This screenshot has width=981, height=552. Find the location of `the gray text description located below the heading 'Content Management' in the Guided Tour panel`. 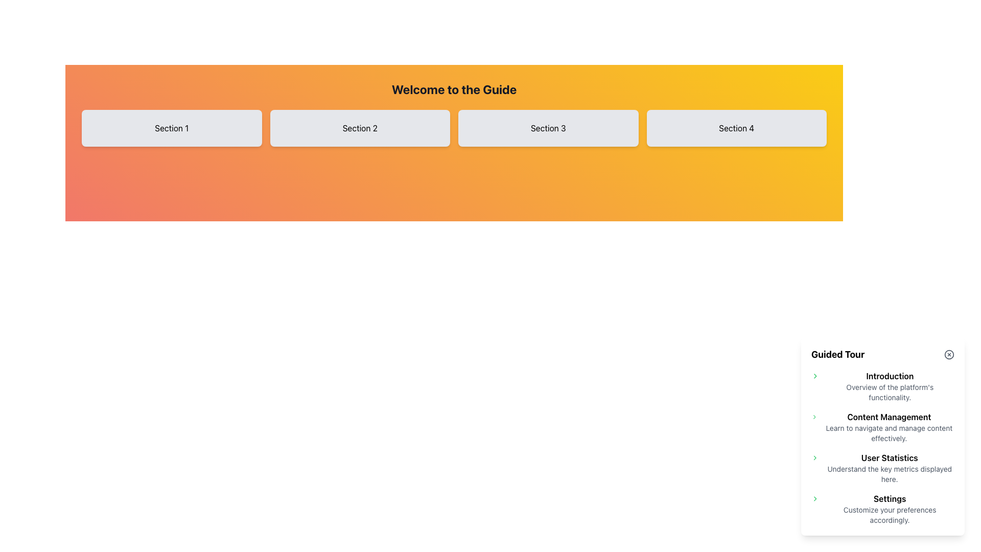

the gray text description located below the heading 'Content Management' in the Guided Tour panel is located at coordinates (889, 433).